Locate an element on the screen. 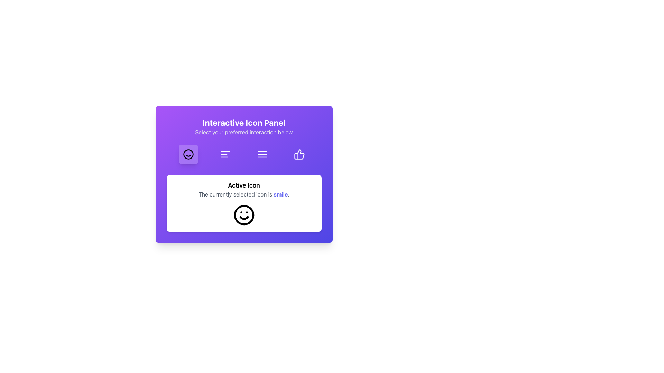  the main outline Circle SVG element of the smiley face icon, which is centrally positioned below the 'Active Icon' text is located at coordinates (244, 215).